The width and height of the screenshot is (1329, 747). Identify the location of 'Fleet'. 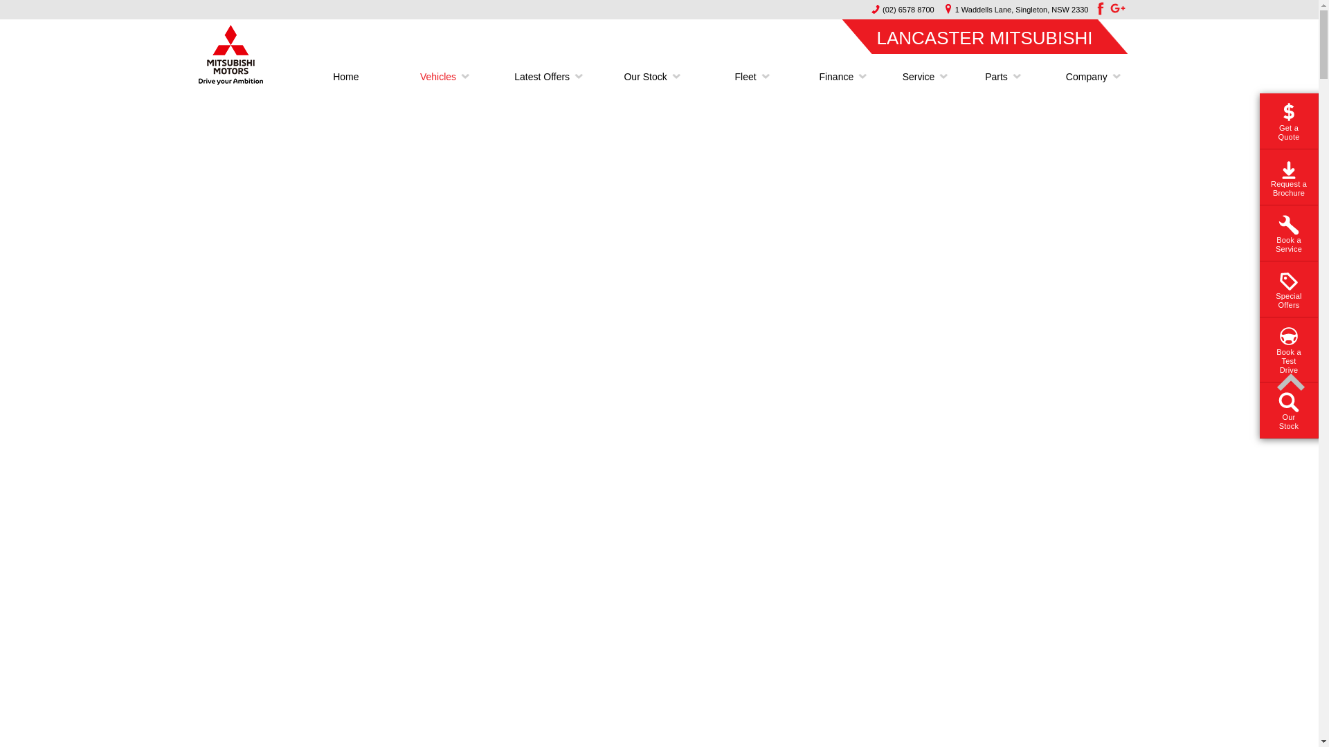
(744, 77).